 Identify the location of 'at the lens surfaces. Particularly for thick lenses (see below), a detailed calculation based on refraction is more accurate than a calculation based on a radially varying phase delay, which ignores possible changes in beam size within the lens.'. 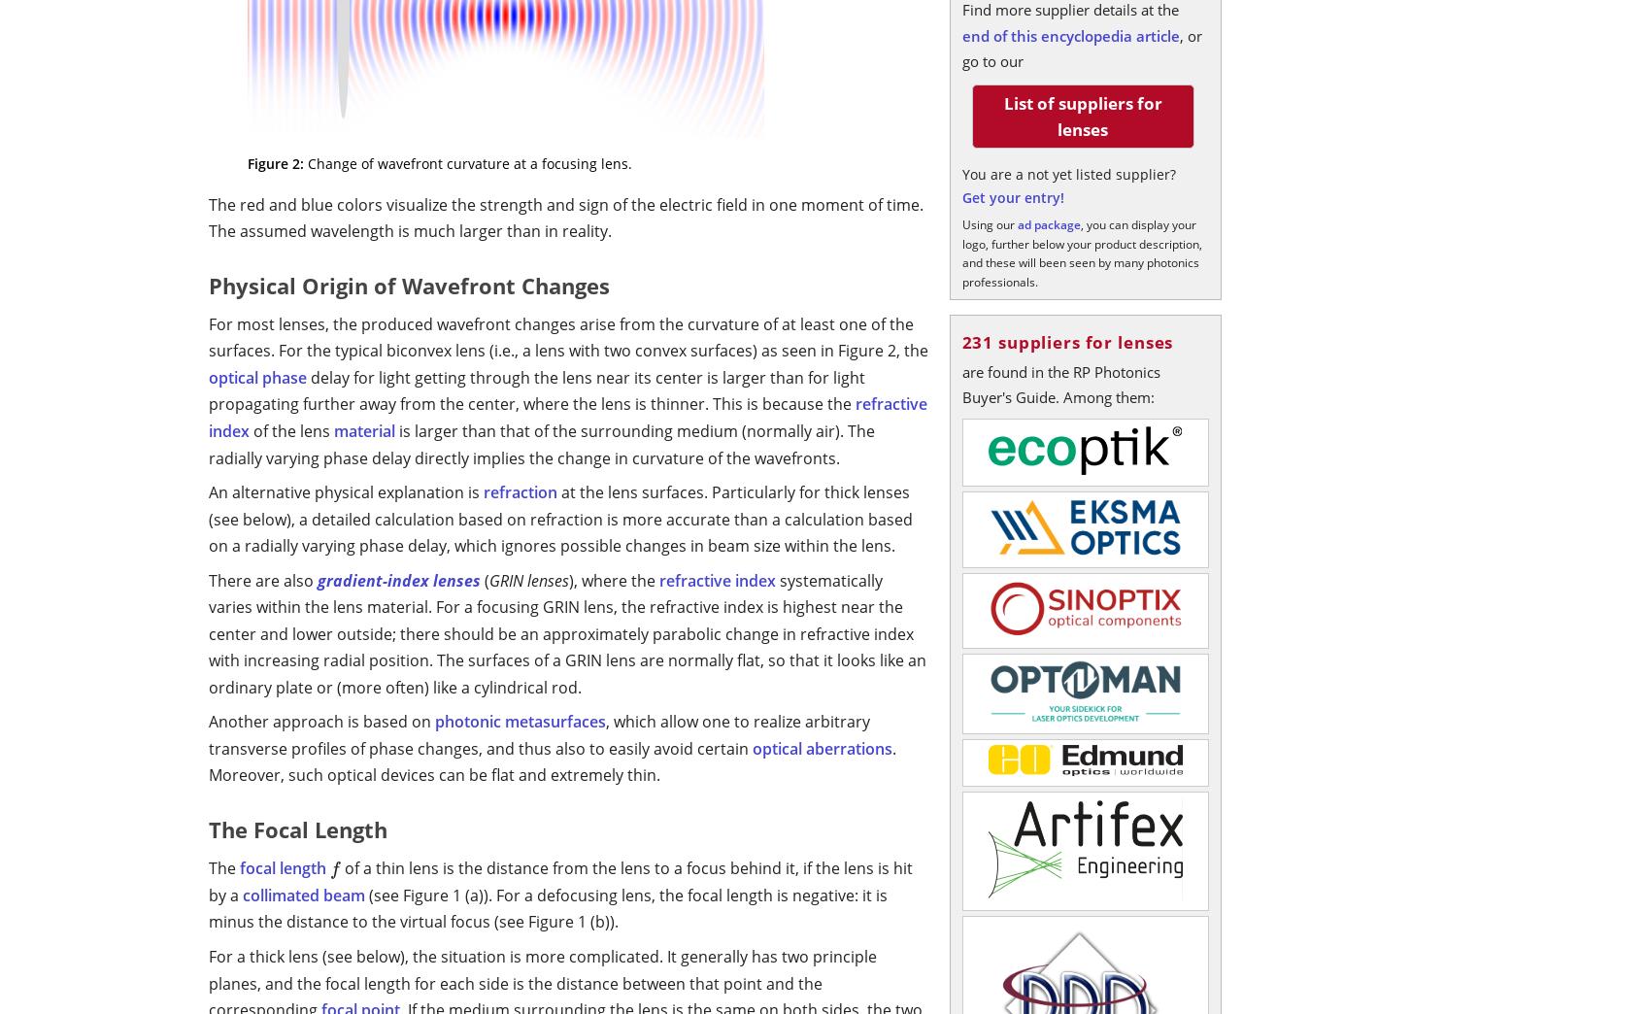
(560, 518).